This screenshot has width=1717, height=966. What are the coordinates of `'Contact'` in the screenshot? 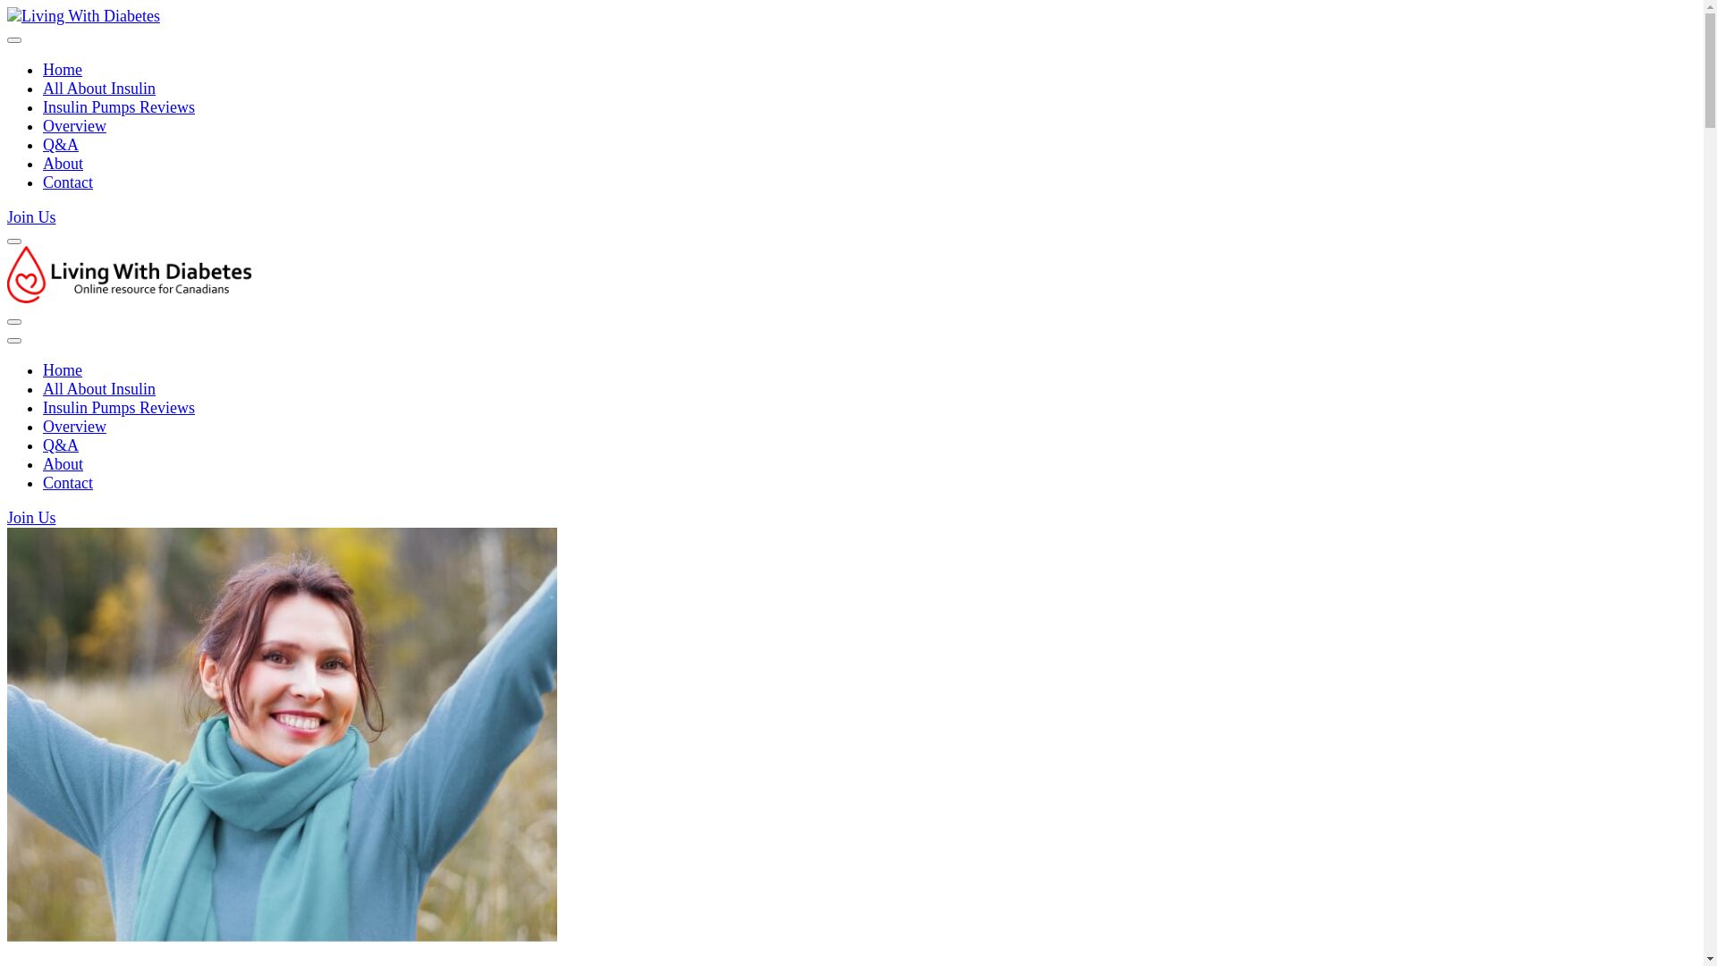 It's located at (68, 182).